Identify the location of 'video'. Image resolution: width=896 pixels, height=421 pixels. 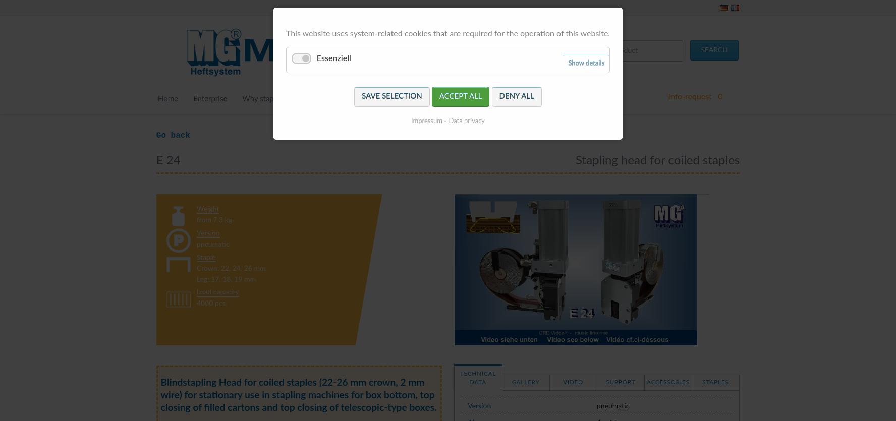
(573, 382).